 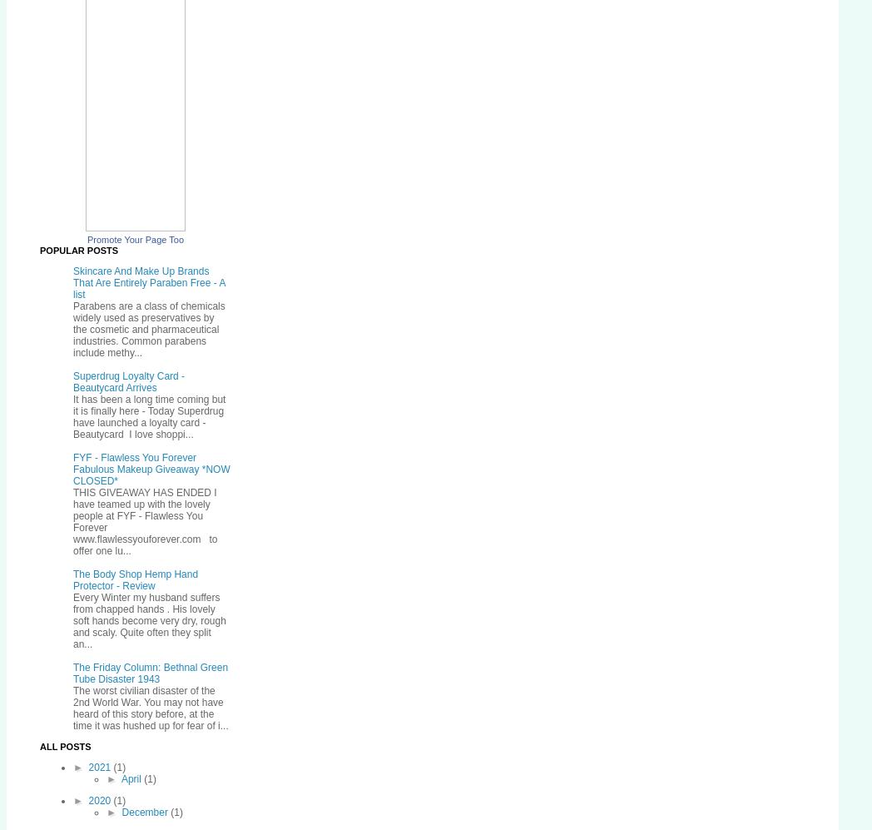 I want to click on 'April', so click(x=131, y=778).